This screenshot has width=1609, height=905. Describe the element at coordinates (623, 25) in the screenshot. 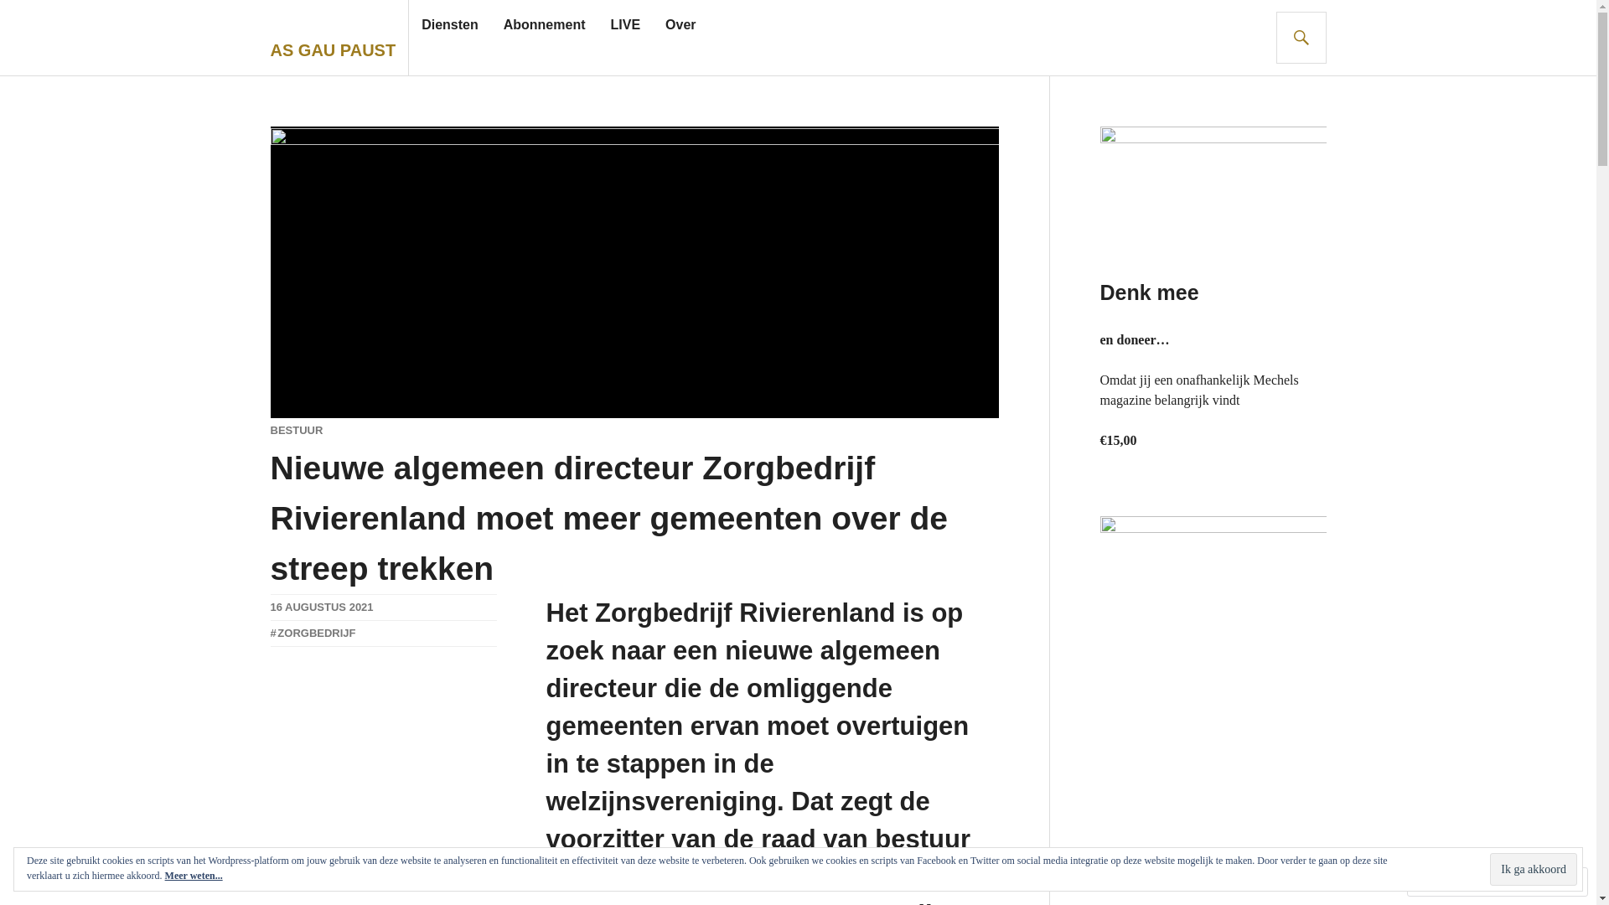

I see `'LIVE'` at that location.